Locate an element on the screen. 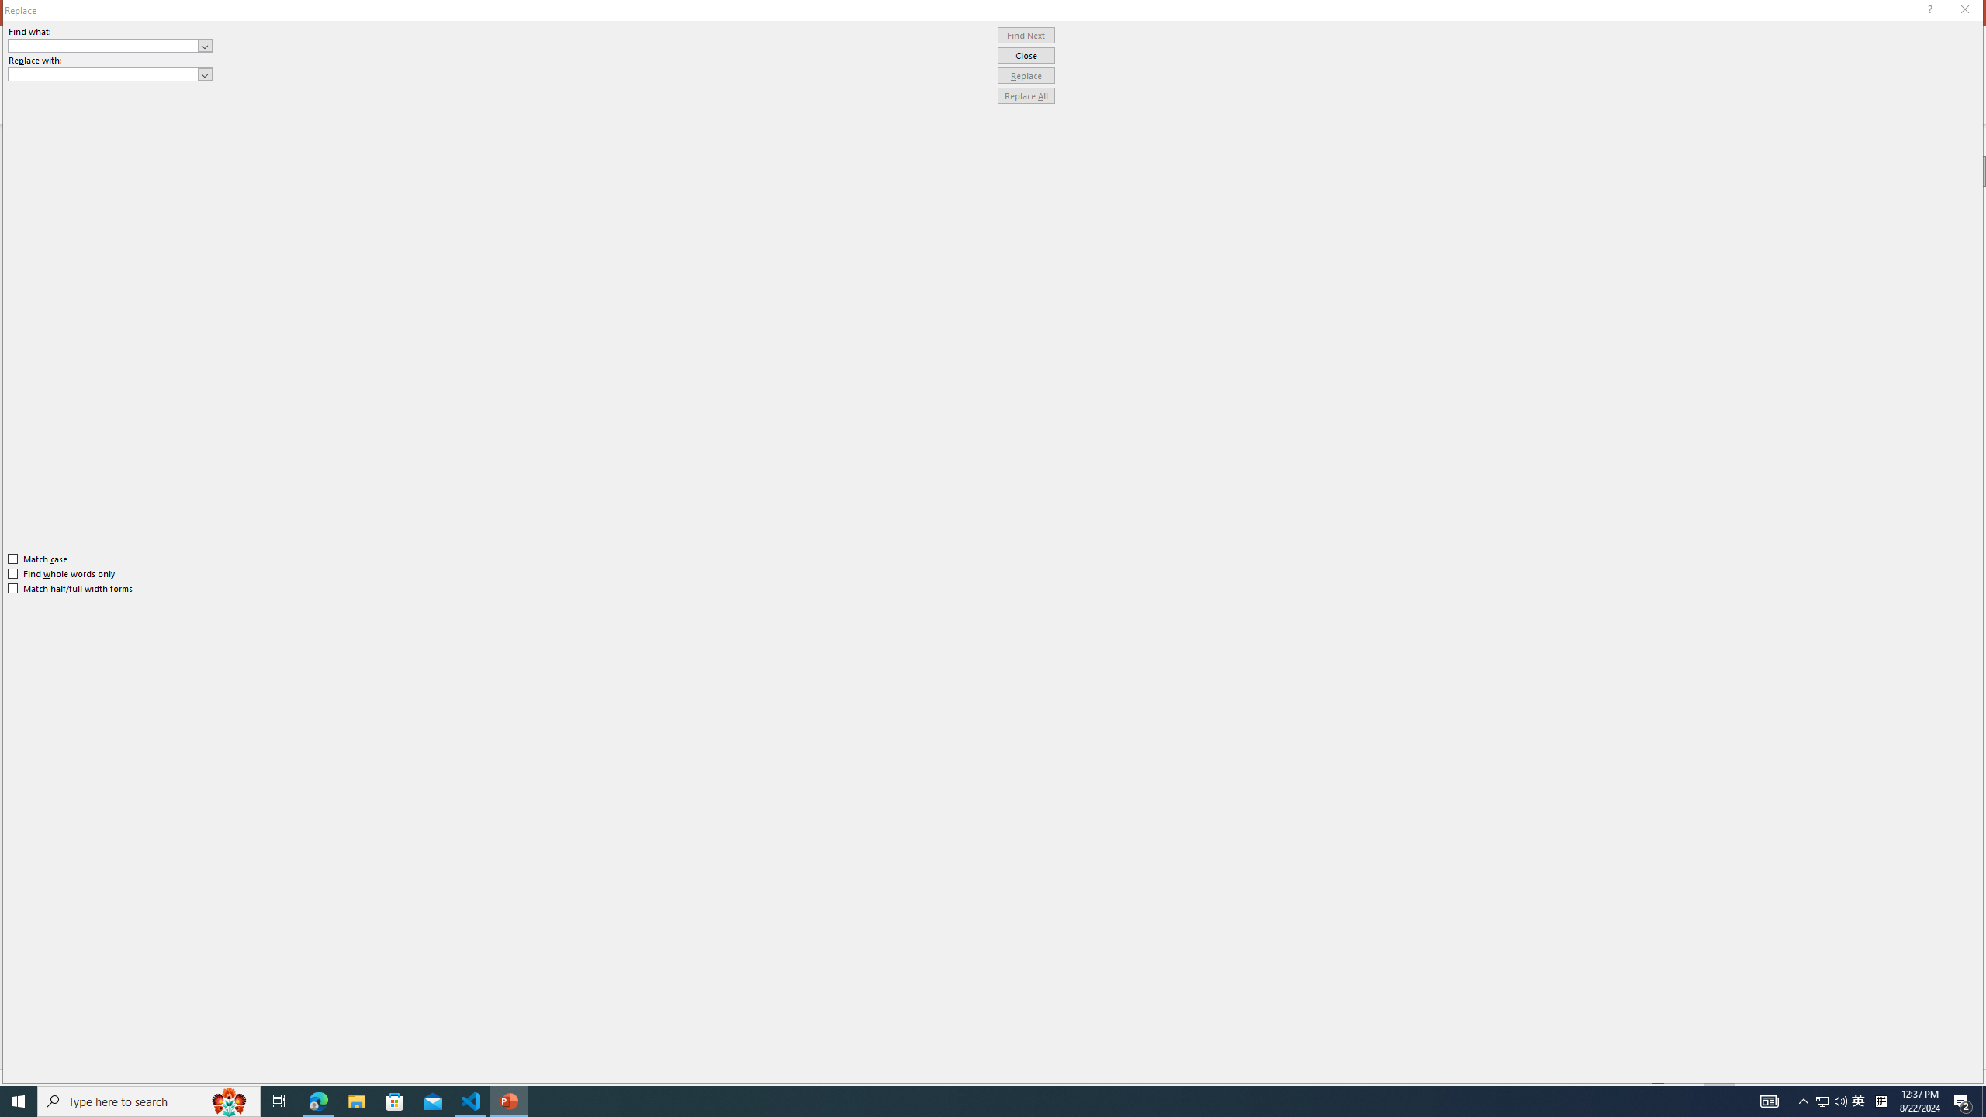  'Zoom 150%' is located at coordinates (1951, 1077).